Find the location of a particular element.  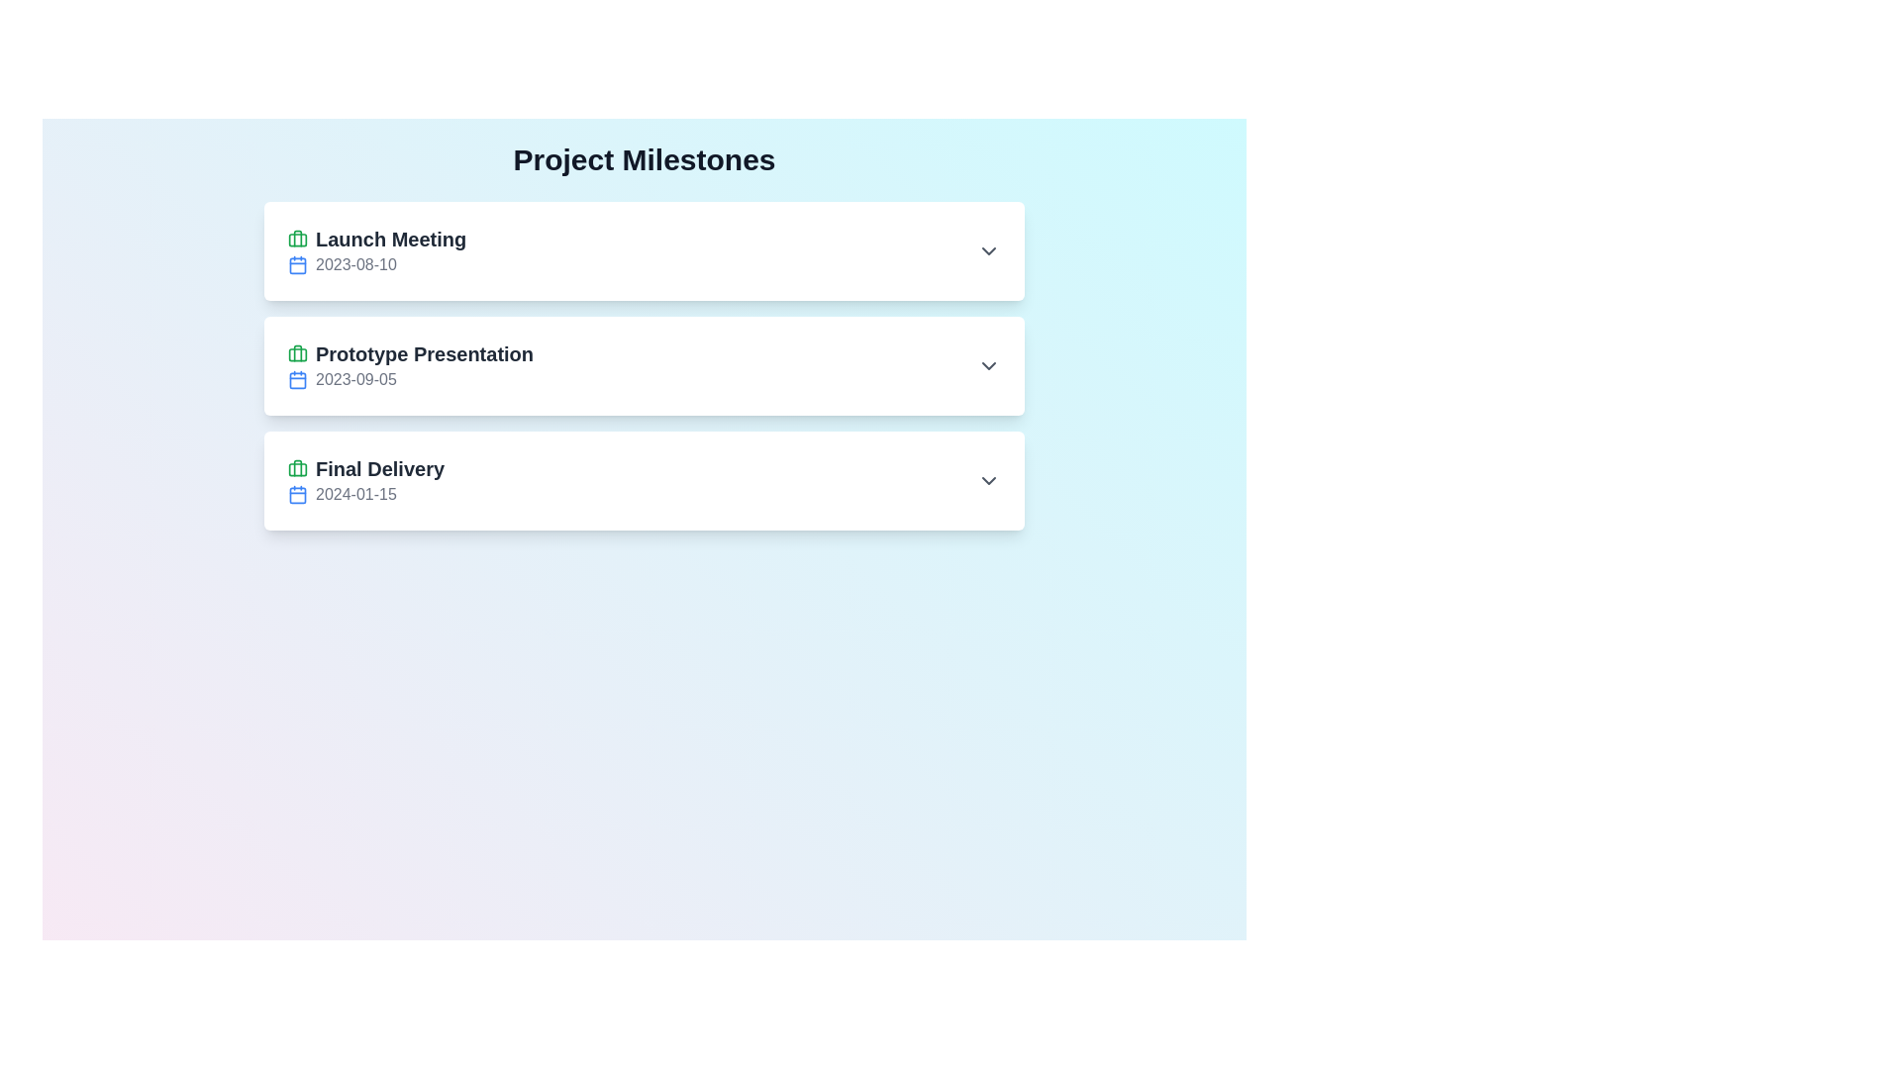

the decorative visual element within the calendar icon of the second milestone item titled 'Prototype Presentation', located to the left of the text and aligned with the event date description is located at coordinates (297, 380).